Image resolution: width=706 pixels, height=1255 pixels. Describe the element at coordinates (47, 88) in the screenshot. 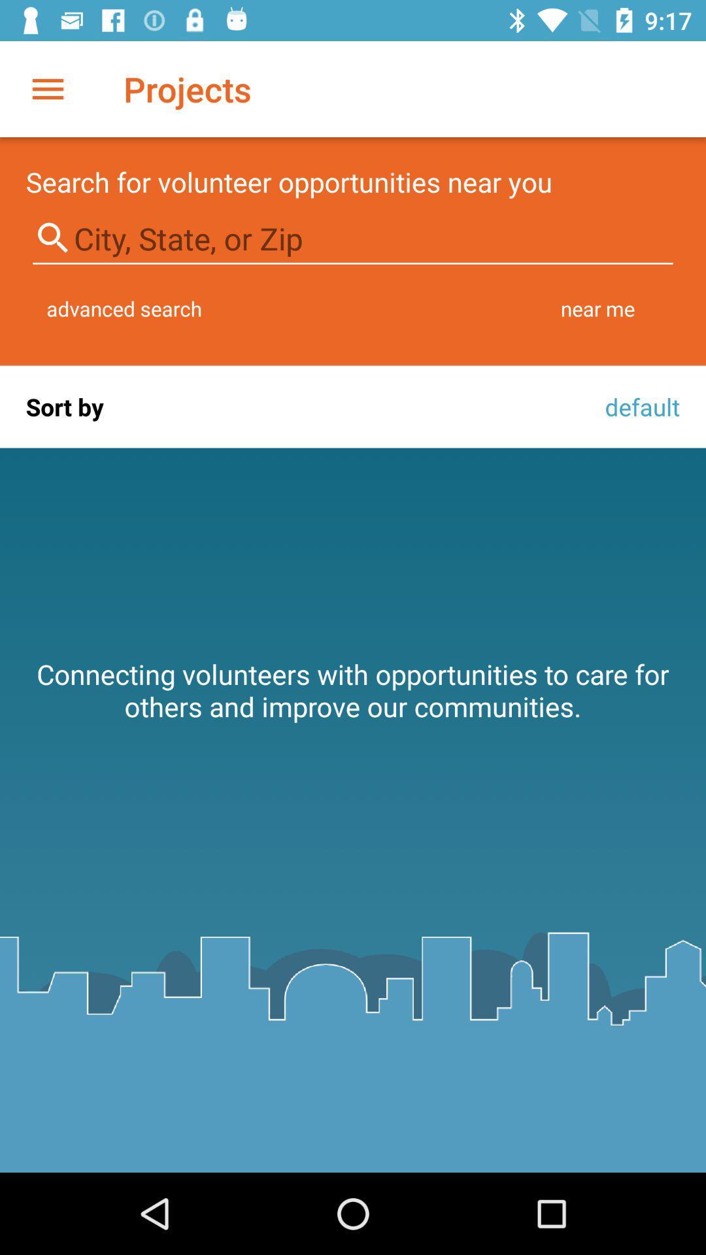

I see `item next to projects item` at that location.